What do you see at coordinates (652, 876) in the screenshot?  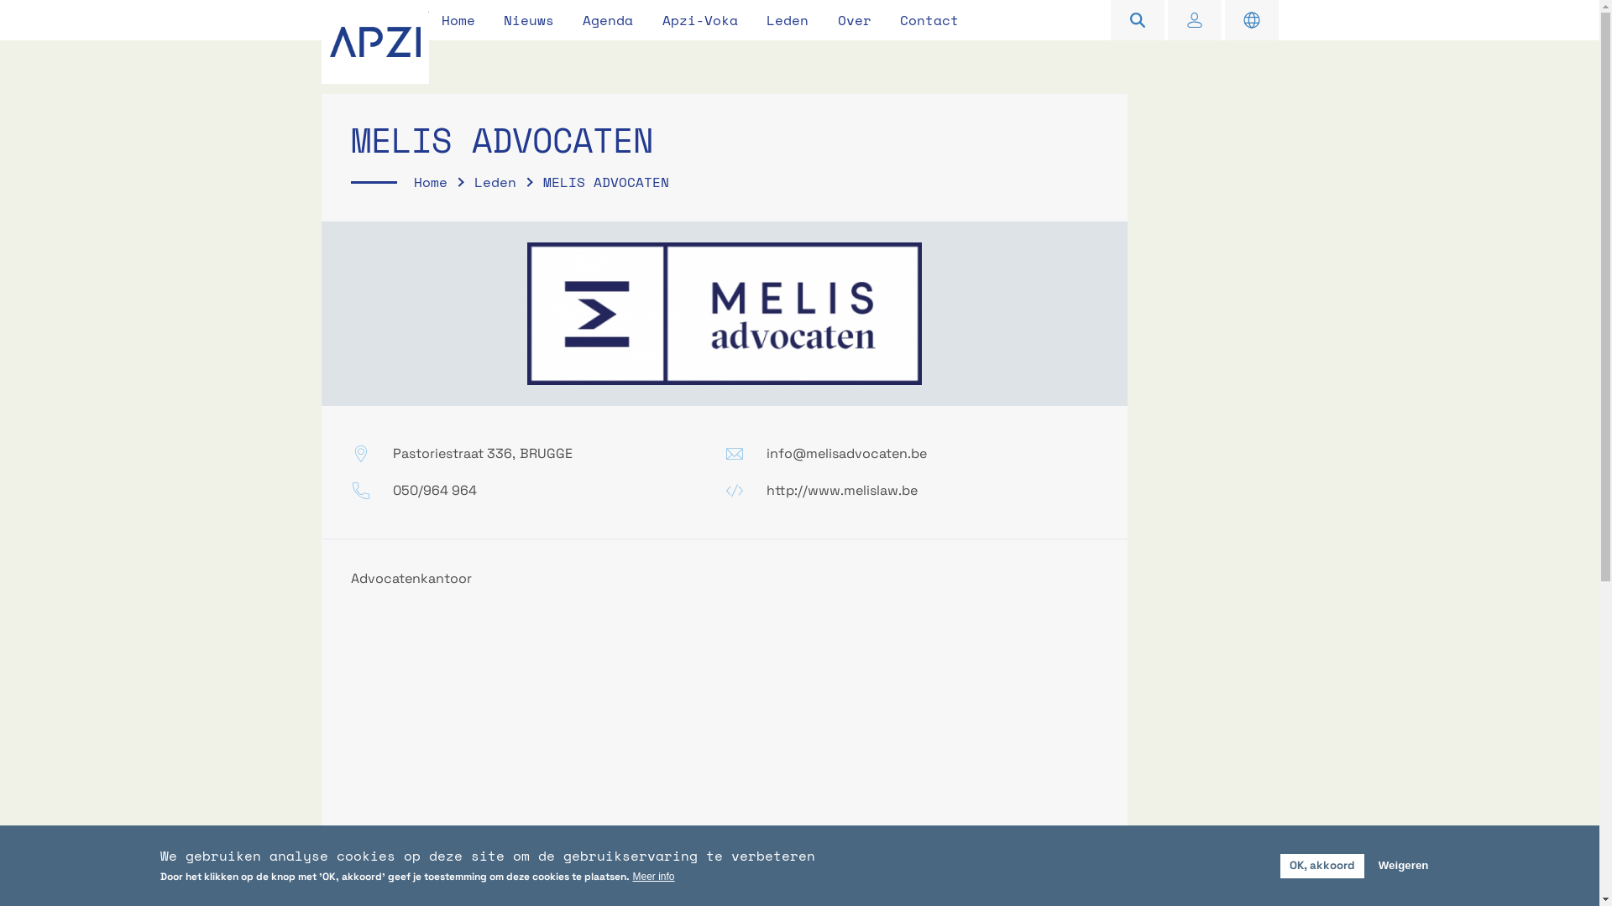 I see `'Meer info'` at bounding box center [652, 876].